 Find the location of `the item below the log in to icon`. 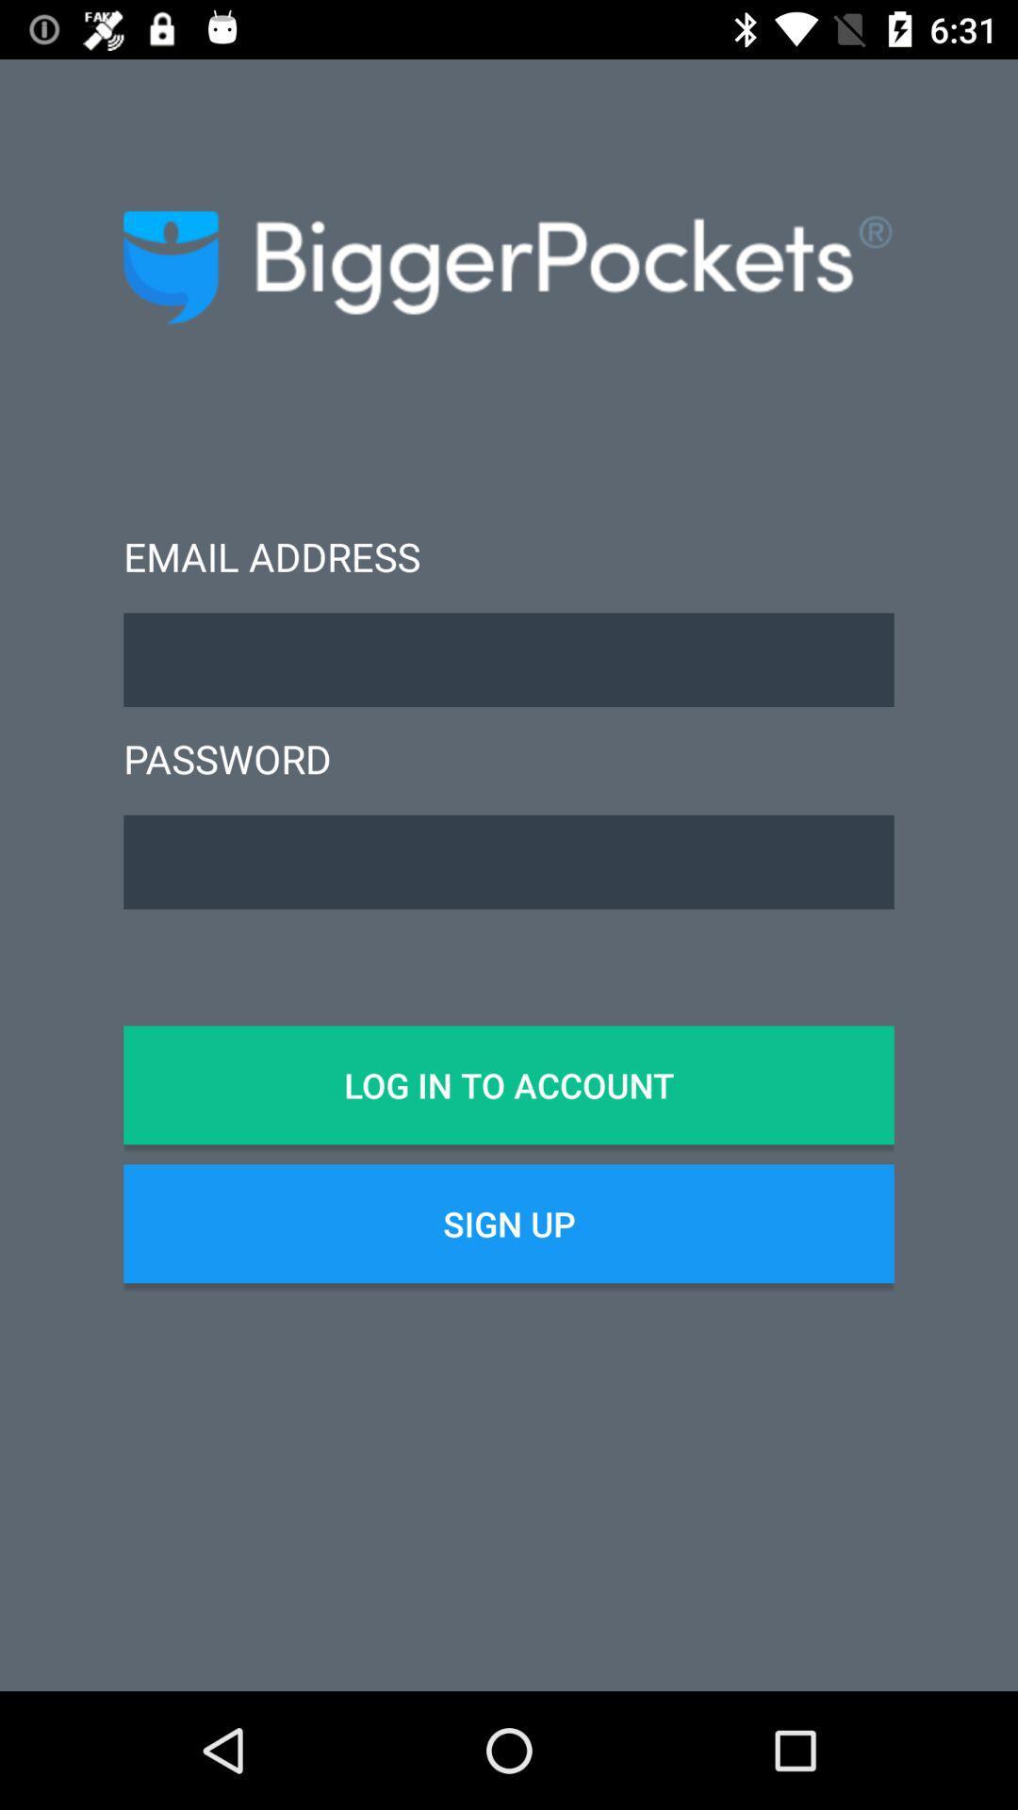

the item below the log in to icon is located at coordinates (509, 1224).